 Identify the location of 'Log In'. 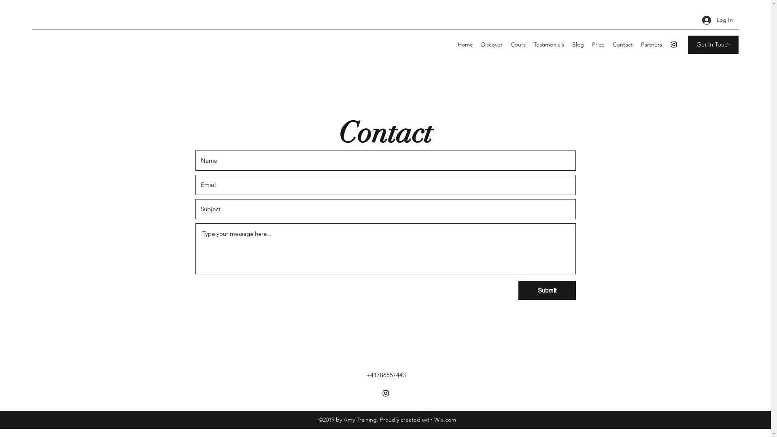
(696, 19).